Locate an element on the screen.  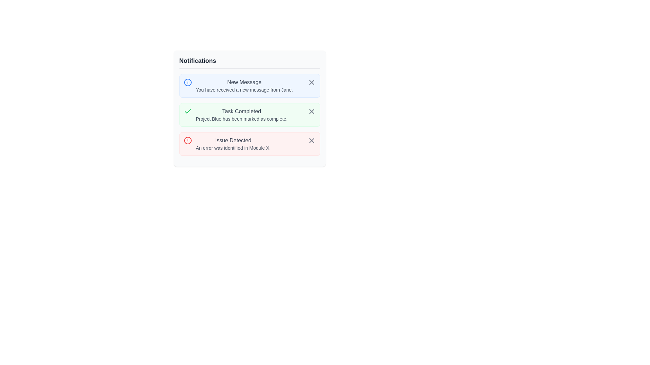
the circular icon with a blue outline and centered blue dot, located in the upper-left corner of the 'New Message' notification card is located at coordinates (188, 82).